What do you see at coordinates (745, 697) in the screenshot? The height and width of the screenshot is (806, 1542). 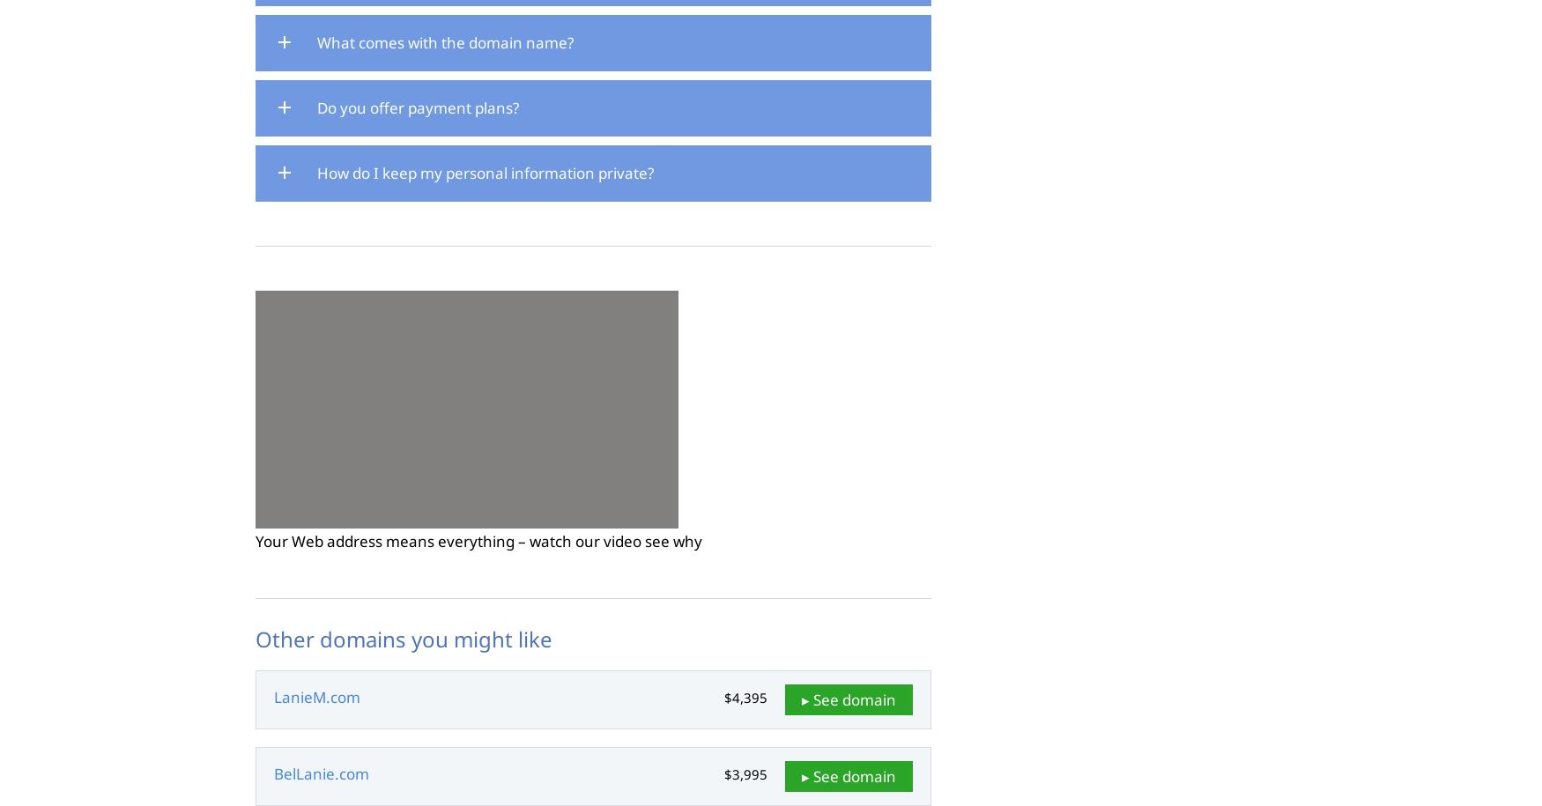 I see `'$4,395'` at bounding box center [745, 697].